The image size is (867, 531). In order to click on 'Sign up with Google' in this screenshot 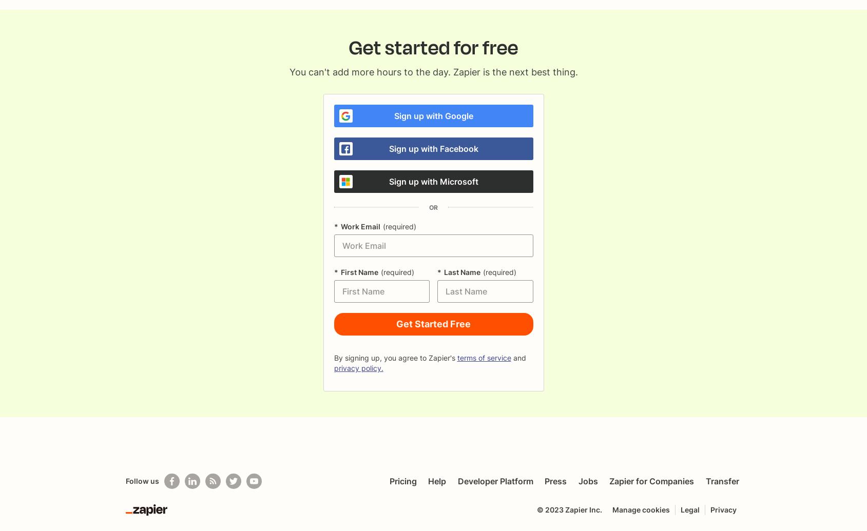, I will do `click(432, 116)`.